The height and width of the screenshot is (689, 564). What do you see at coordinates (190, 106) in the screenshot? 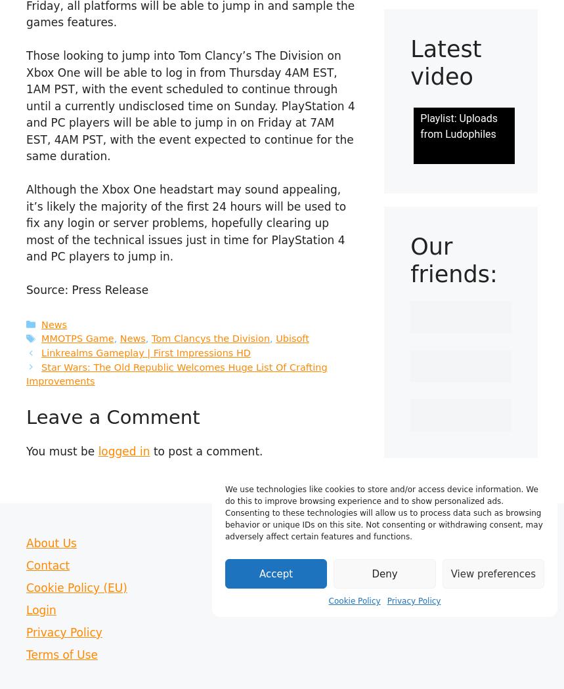
I see `'Those looking to jump into Tom Clancy’s The Division on Xbox One will be able to log in from Thursday 4AM EST, 1AM PST, with the event scheduled to continue through until a currently undisclosed time on Sunday. PlayStation 4 and PC players will be able to jump in on Friday at 7AM EST, 4AM PST, with the event expected to continue for the same duration.'` at bounding box center [190, 106].